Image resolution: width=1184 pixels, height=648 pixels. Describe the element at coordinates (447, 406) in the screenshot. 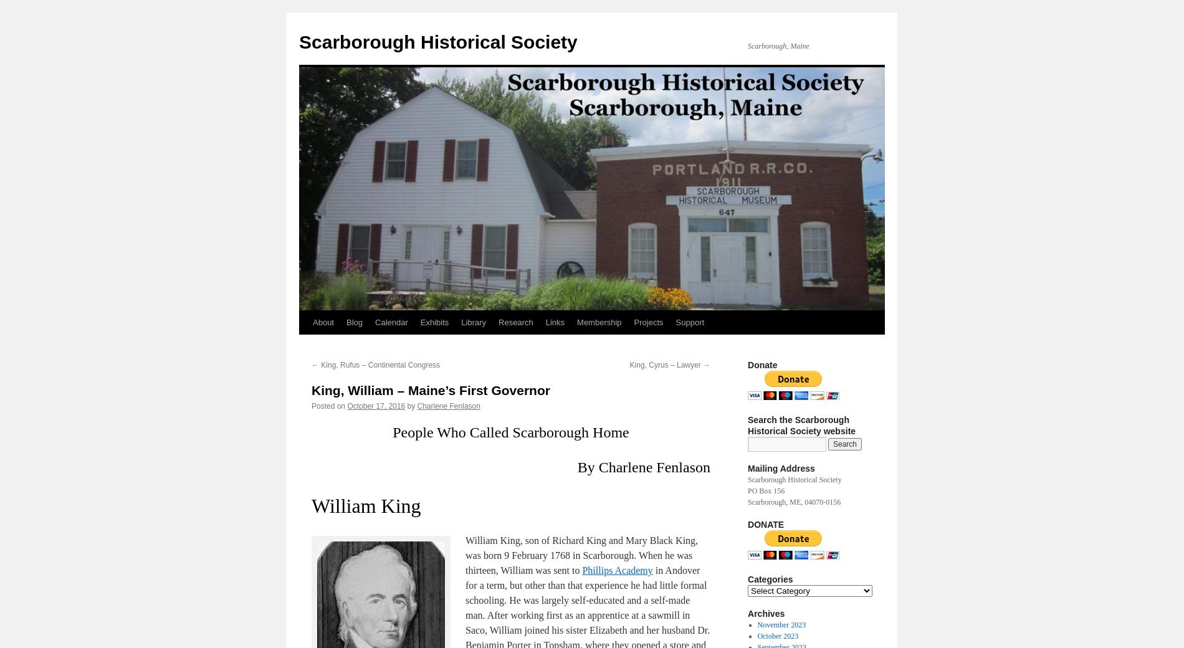

I see `'Charlene Fenlason'` at that location.